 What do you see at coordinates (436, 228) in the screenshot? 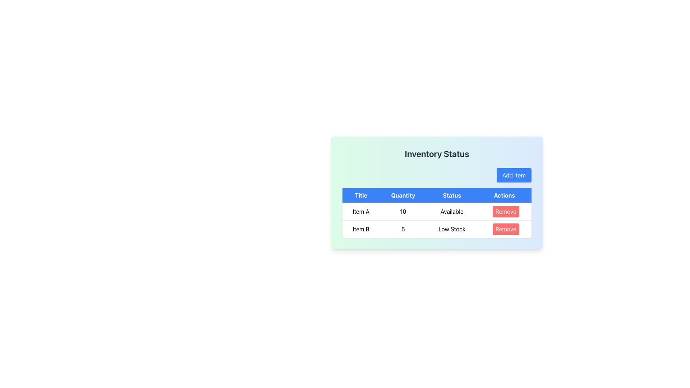
I see `the second row in the inventory list table, which displays the item 'Item B', its quantity '5', stock status 'Low Stock', and the option to 'Remove'` at bounding box center [436, 228].